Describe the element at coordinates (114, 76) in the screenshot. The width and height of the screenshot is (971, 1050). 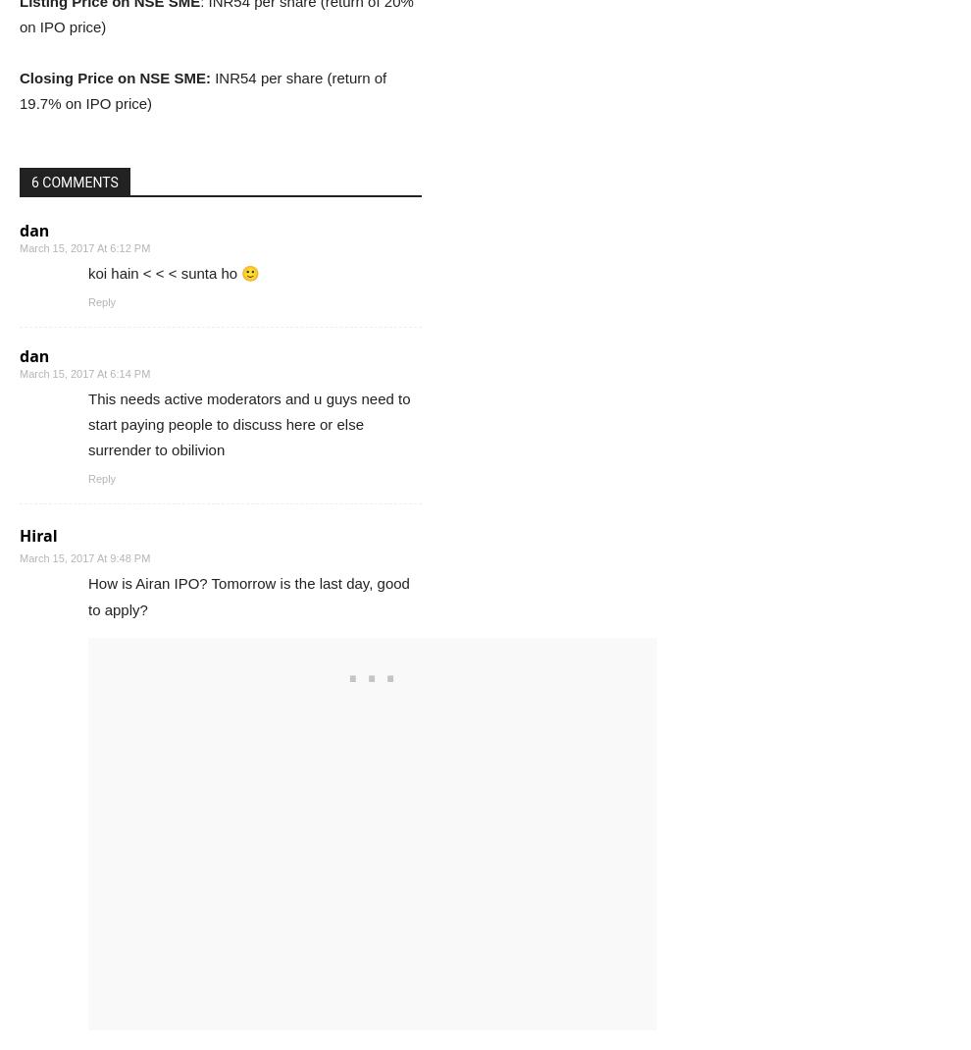
I see `'Closing Price on NSE SME:'` at that location.